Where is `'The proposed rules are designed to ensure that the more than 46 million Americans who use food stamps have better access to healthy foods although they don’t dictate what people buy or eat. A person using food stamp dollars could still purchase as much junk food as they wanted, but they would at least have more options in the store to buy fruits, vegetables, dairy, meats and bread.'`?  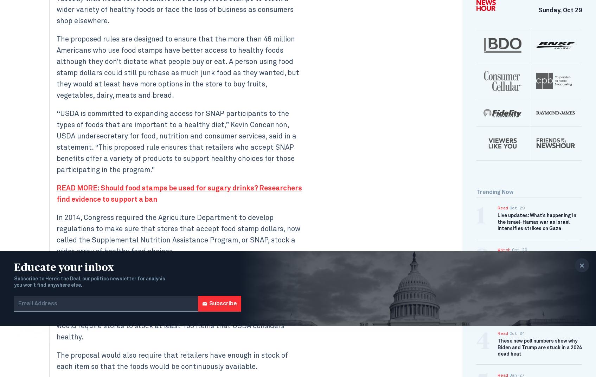
'The proposed rules are designed to ensure that the more than 46 million Americans who use food stamps have better access to healthy foods although they don’t dictate what people buy or eat. A person using food stamp dollars could still purchase as much junk food as they wanted, but they would at least have more options in the store to buy fruits, vegetables, dairy, meats and bread.' is located at coordinates (177, 67).